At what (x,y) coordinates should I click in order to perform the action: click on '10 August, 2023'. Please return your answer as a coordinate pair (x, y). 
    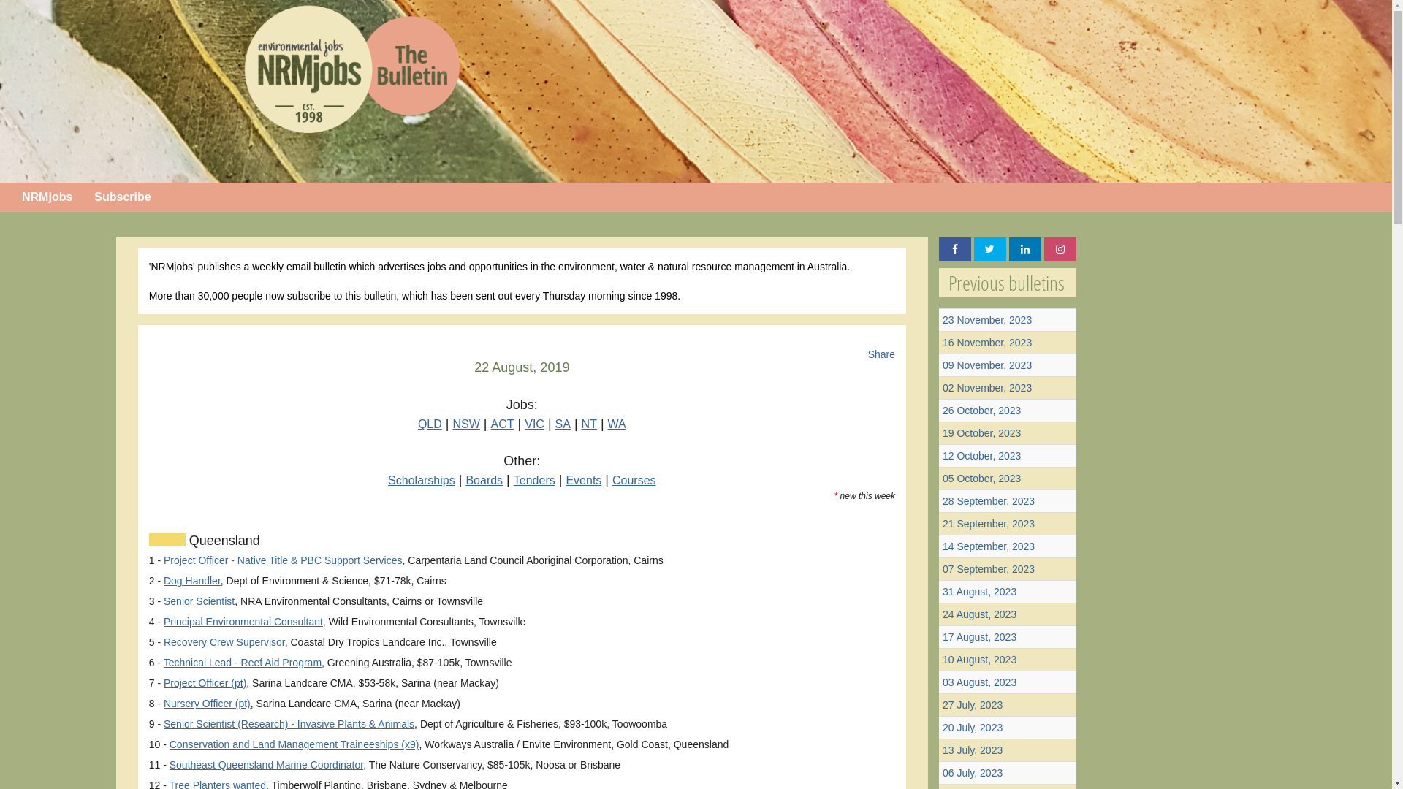
    Looking at the image, I should click on (943, 659).